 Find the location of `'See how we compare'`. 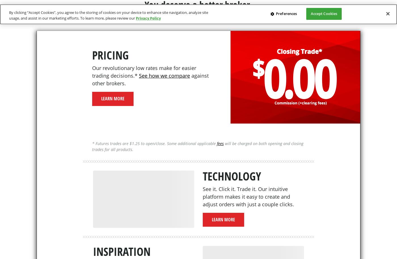

'See how we compare' is located at coordinates (139, 75).